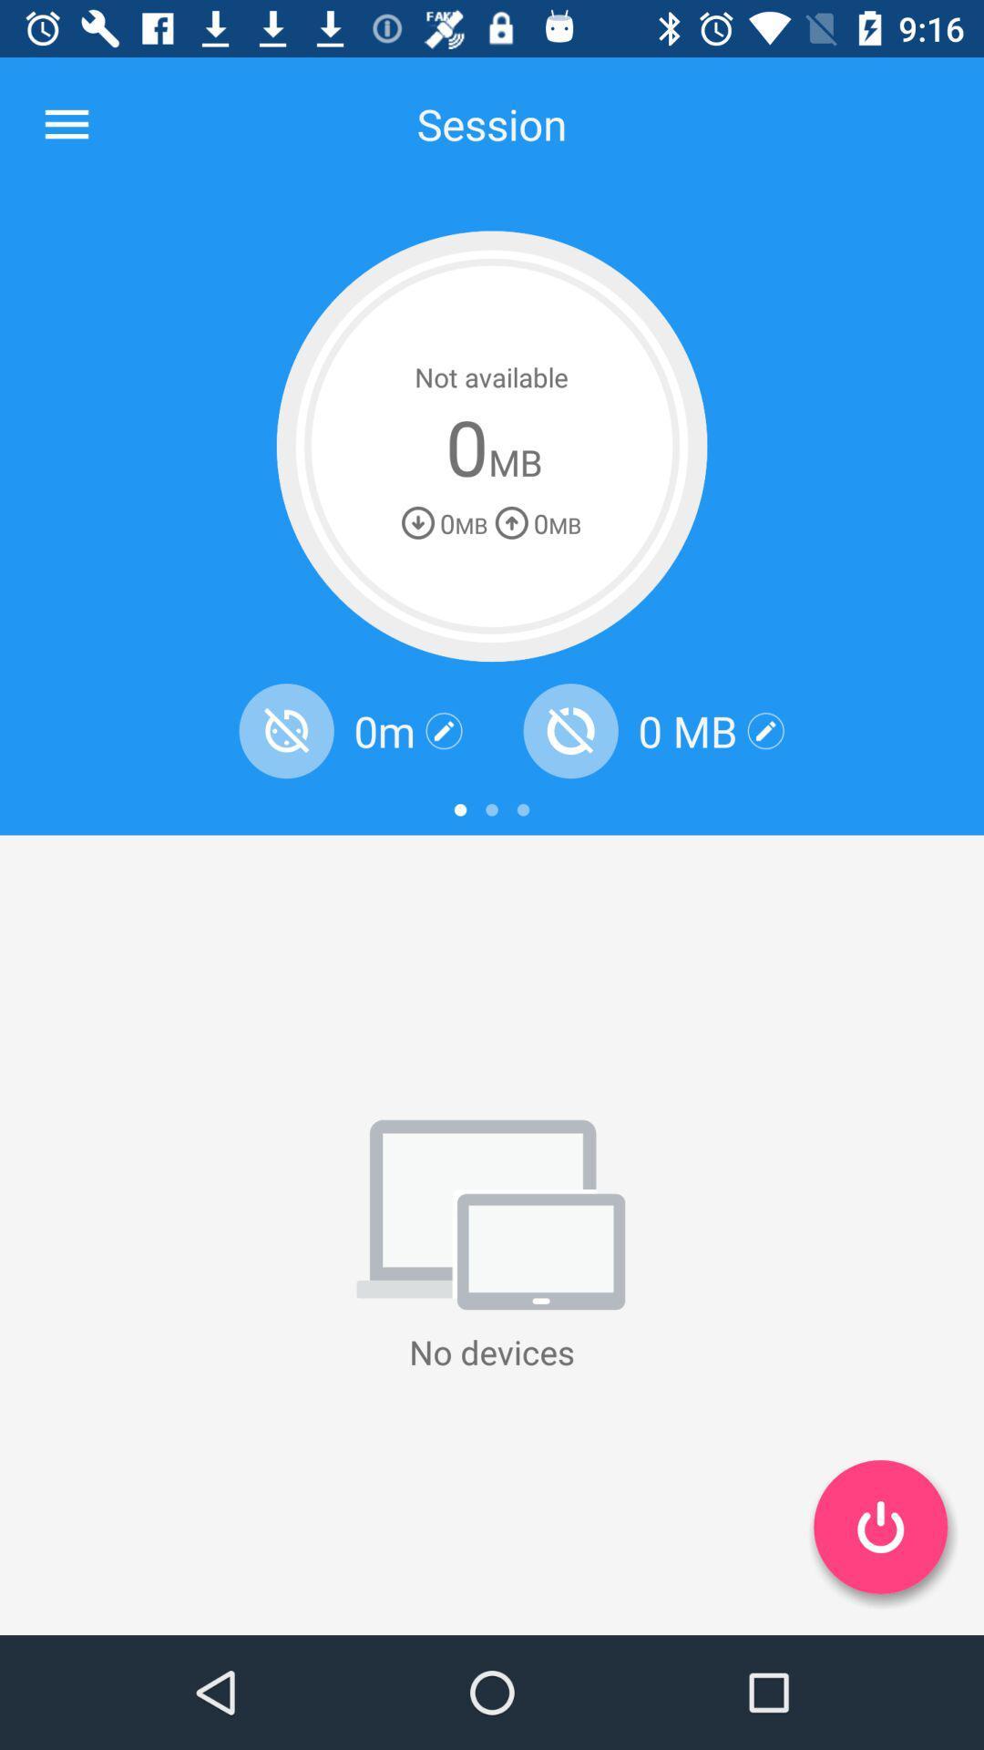 The width and height of the screenshot is (984, 1750). What do you see at coordinates (765, 731) in the screenshot?
I see `edit mb limit` at bounding box center [765, 731].